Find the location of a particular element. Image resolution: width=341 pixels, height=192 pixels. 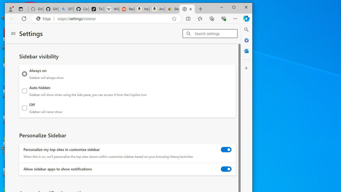

'Settings menu' is located at coordinates (13, 34).